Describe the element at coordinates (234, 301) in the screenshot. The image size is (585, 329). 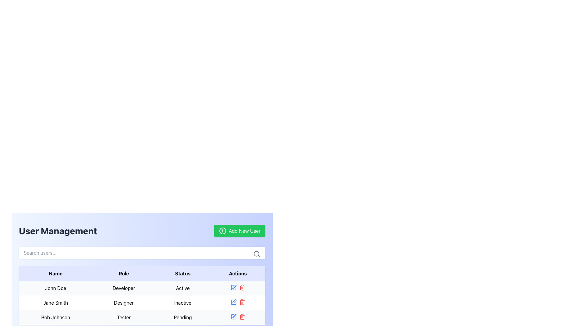
I see `the pen icon located in the 'Actions' column of the user management table to initiate an action` at that location.